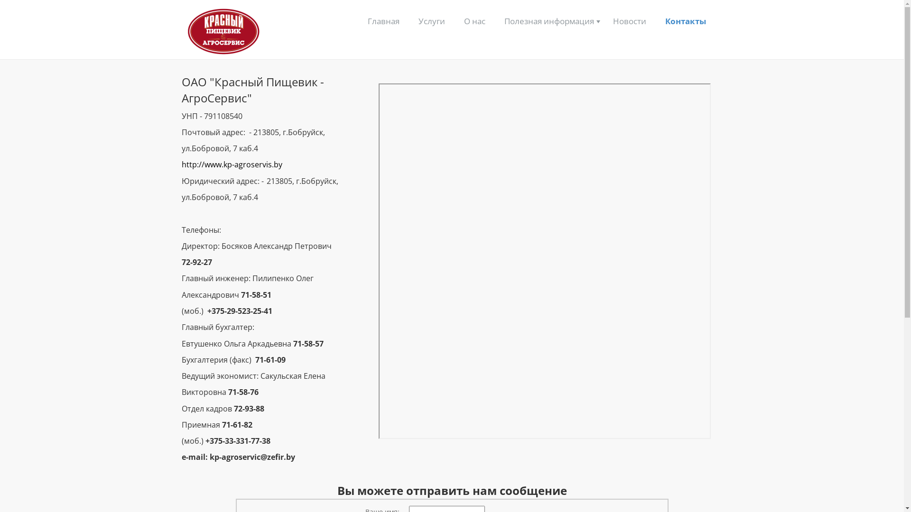  What do you see at coordinates (232, 164) in the screenshot?
I see `'http://www.kp-agroservis.by'` at bounding box center [232, 164].